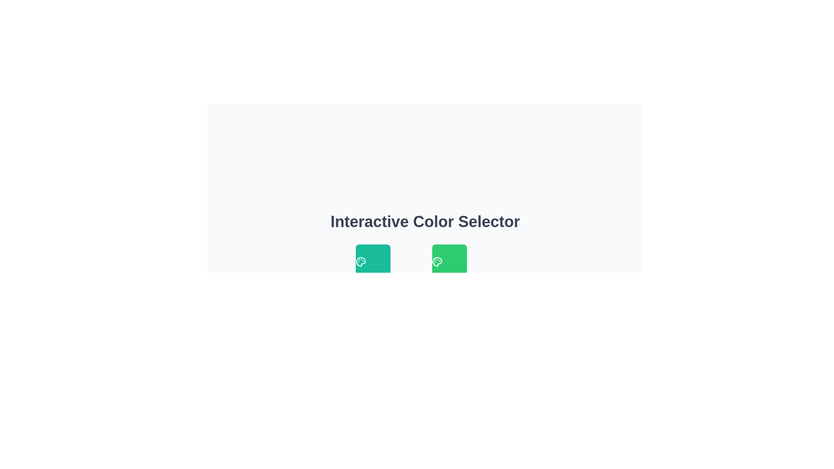 The width and height of the screenshot is (834, 469). What do you see at coordinates (361, 261) in the screenshot?
I see `the SVG-based Icon located within the left button of the 'Interactive Color Selector' section, which is styled with rounded corners and is meant for color selection or customization` at bounding box center [361, 261].